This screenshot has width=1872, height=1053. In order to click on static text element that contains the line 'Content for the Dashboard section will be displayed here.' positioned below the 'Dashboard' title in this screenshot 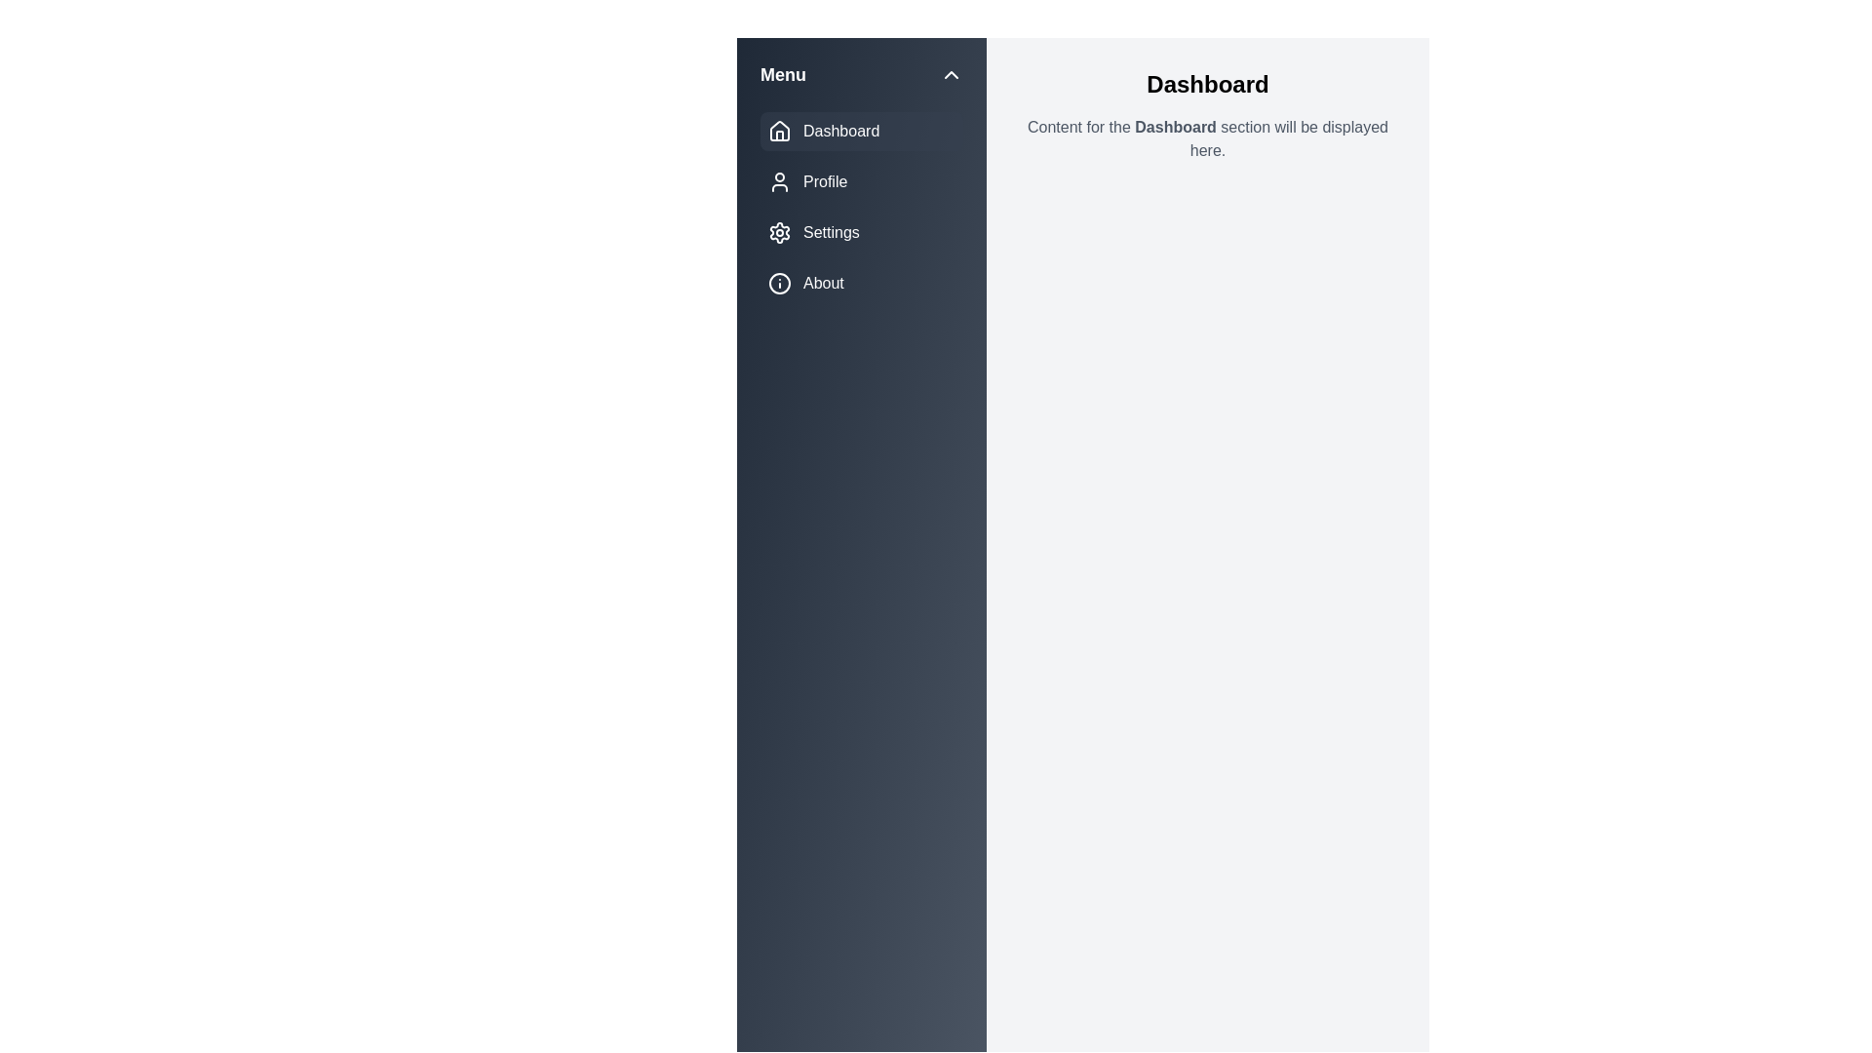, I will do `click(1206, 137)`.